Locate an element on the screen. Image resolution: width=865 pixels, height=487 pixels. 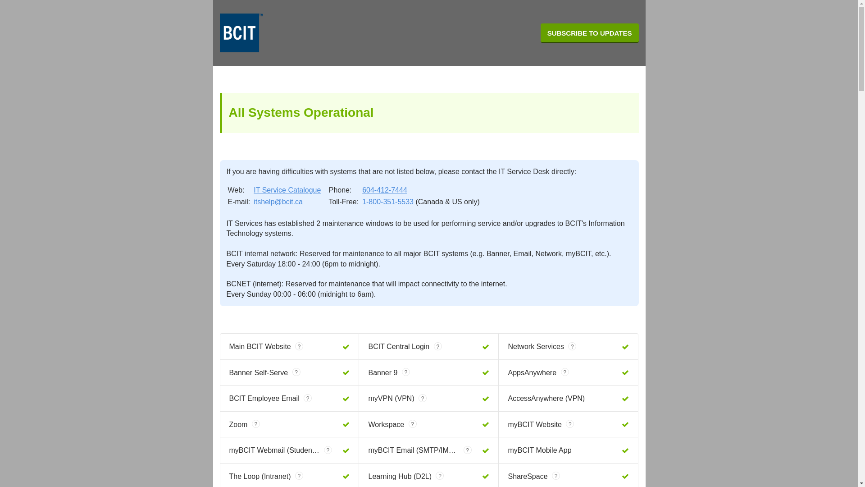
'1-800-351-5533' is located at coordinates (387, 201).